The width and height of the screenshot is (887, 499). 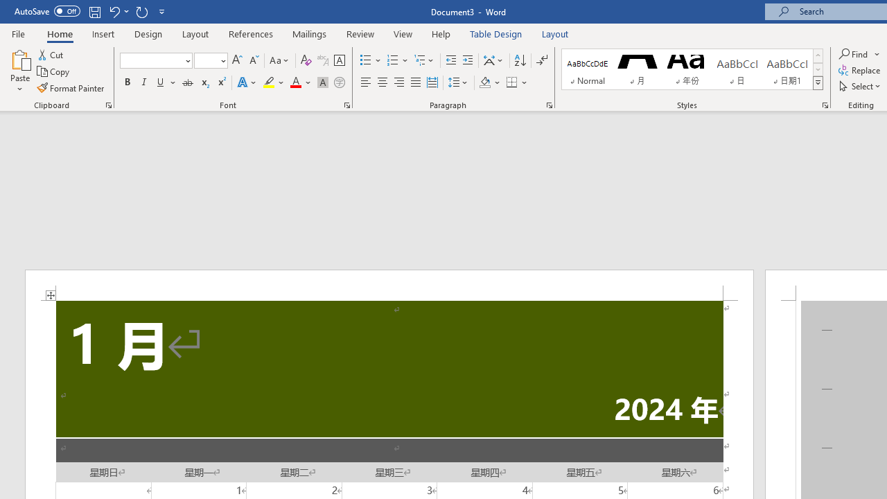 What do you see at coordinates (237, 60) in the screenshot?
I see `'Grow Font'` at bounding box center [237, 60].